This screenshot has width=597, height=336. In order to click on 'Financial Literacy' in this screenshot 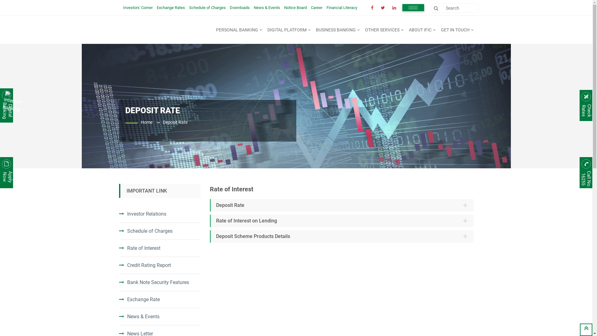, I will do `click(341, 7)`.